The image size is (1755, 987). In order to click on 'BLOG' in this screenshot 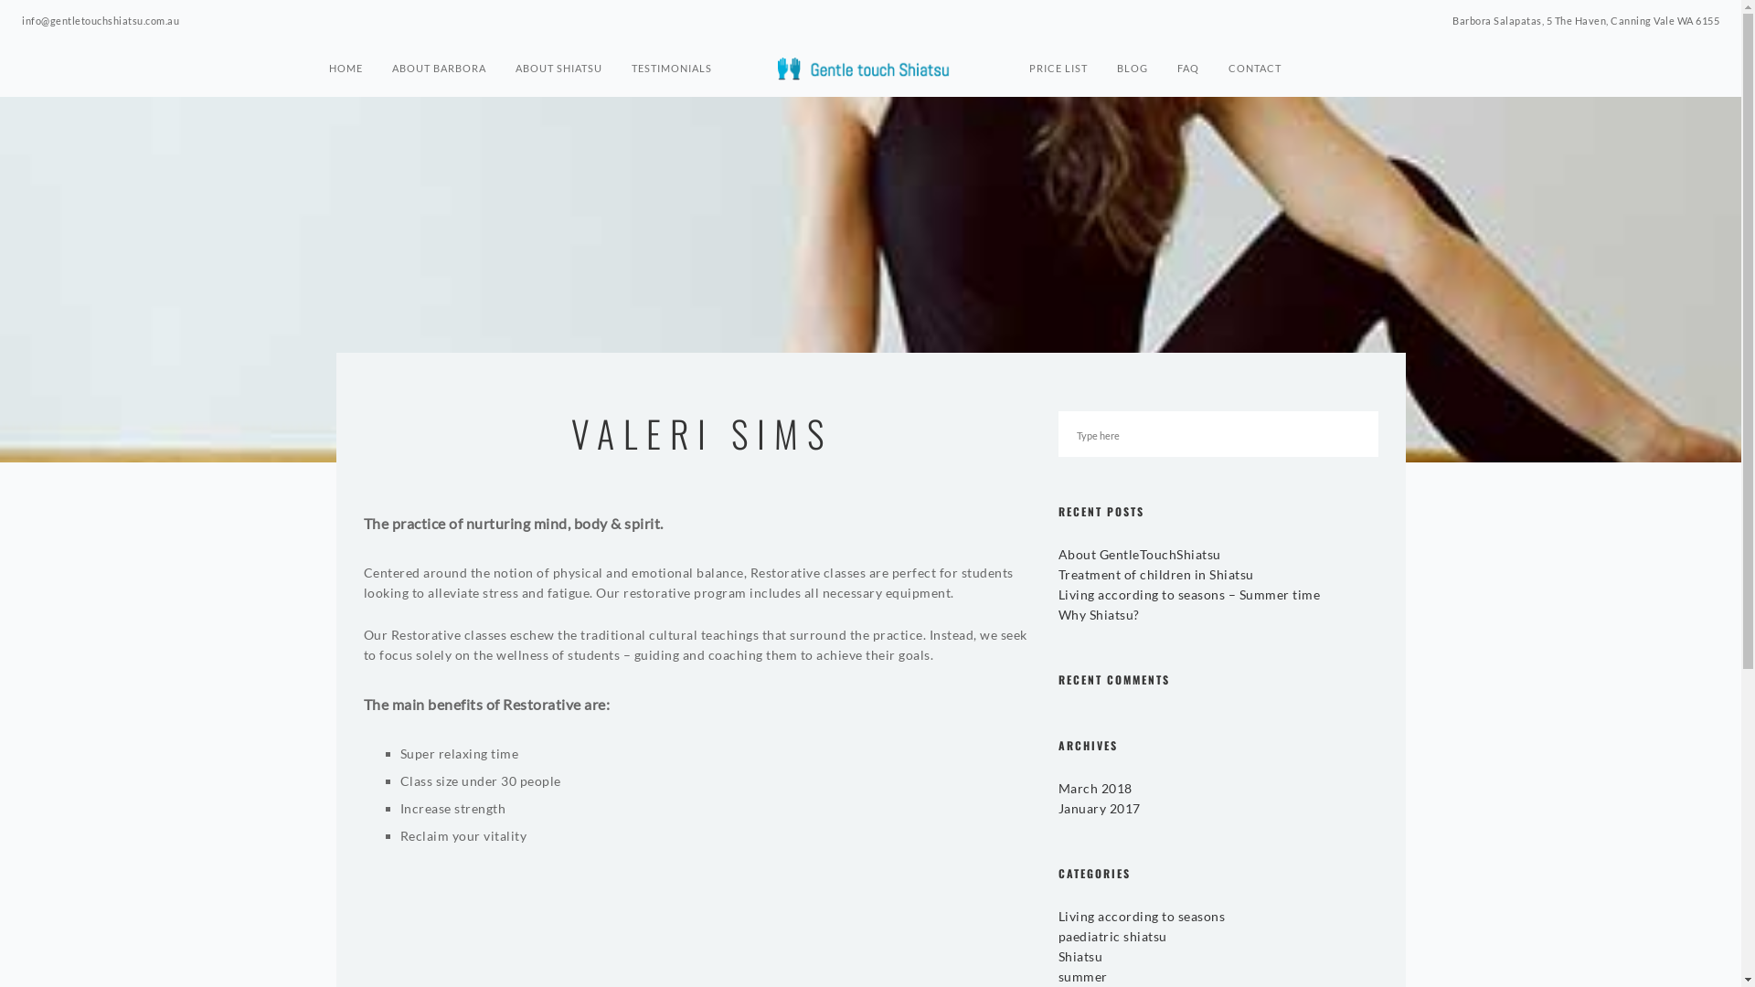, I will do `click(1131, 69)`.